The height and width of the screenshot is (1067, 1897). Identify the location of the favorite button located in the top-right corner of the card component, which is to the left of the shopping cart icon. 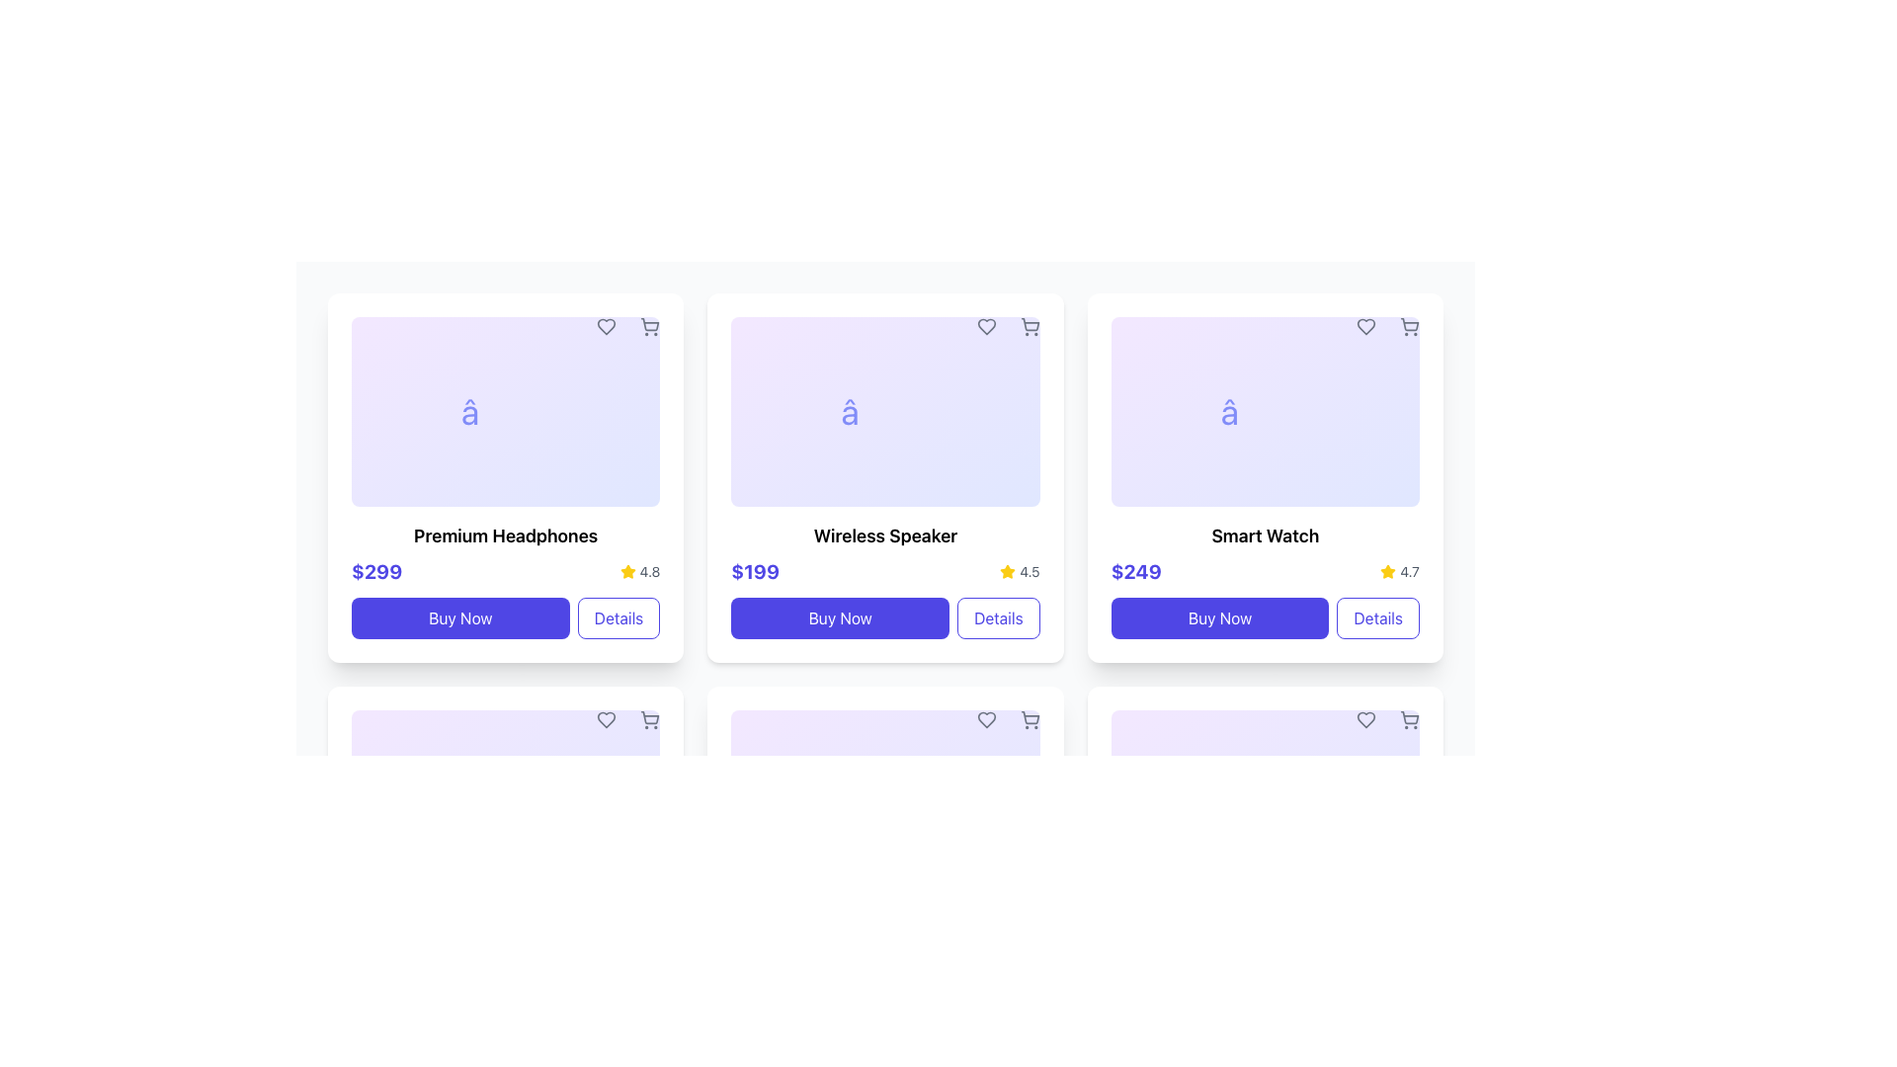
(606, 720).